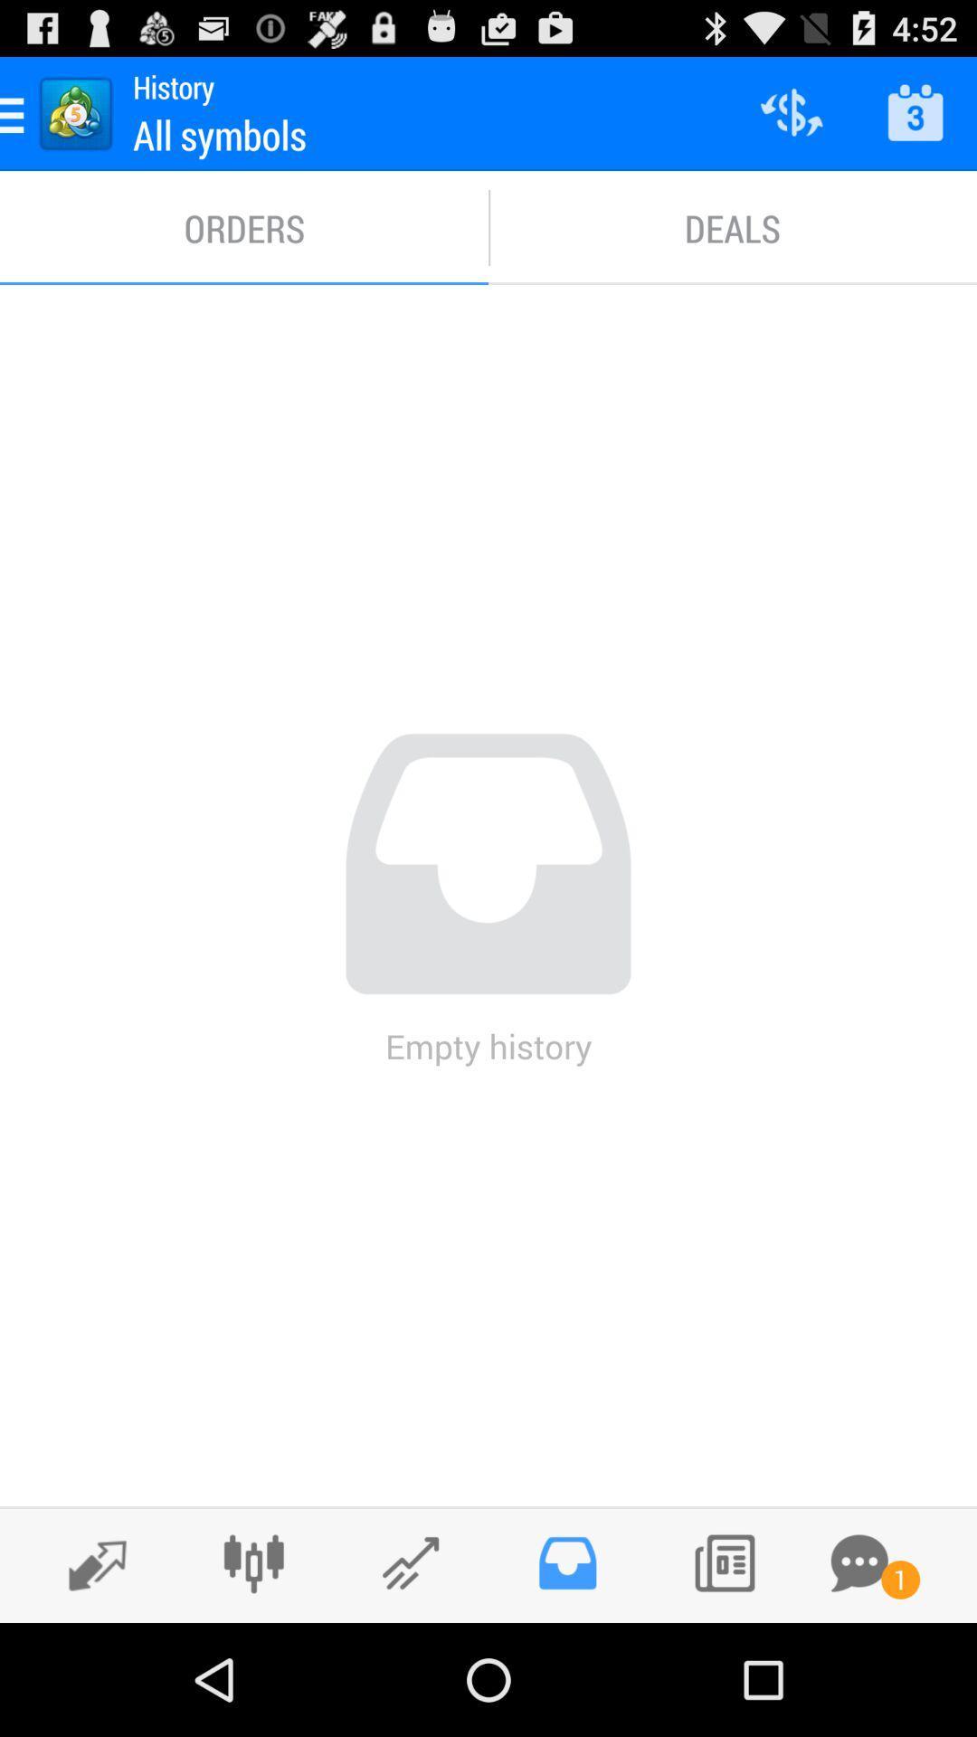  I want to click on forward option, so click(88, 1563).